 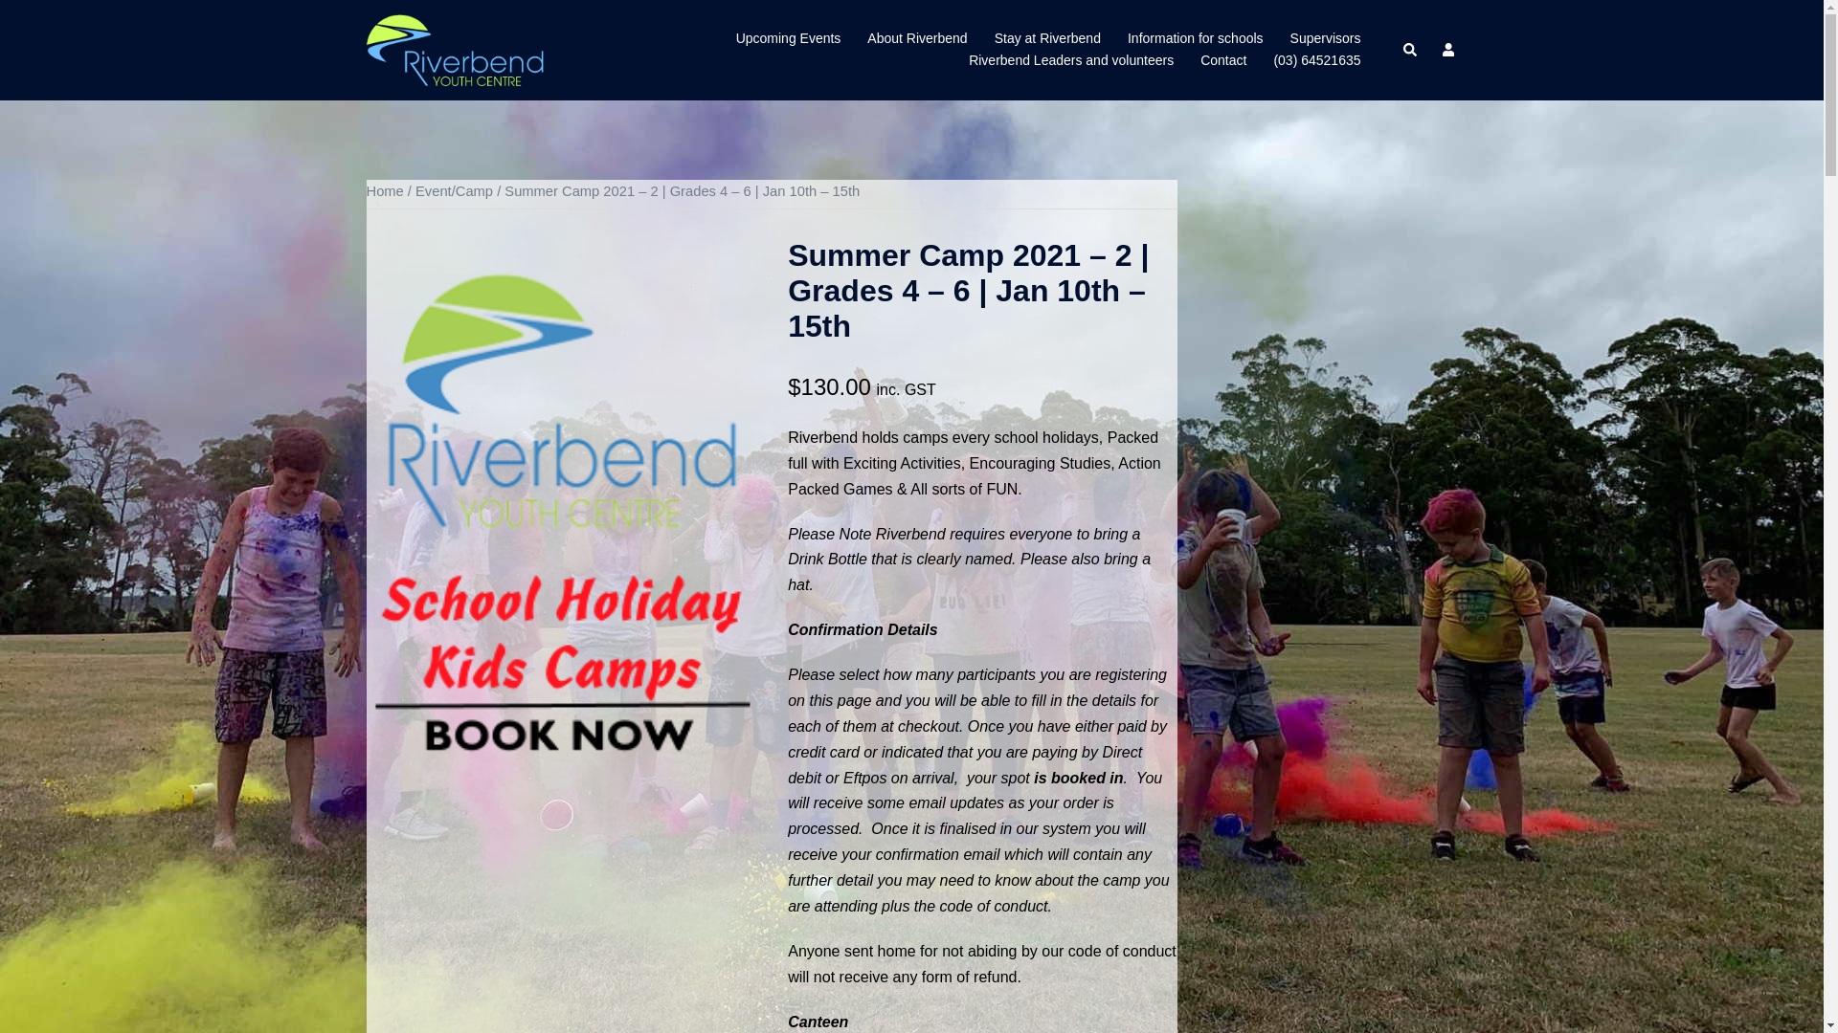 I want to click on 'Contact', so click(x=1222, y=60).